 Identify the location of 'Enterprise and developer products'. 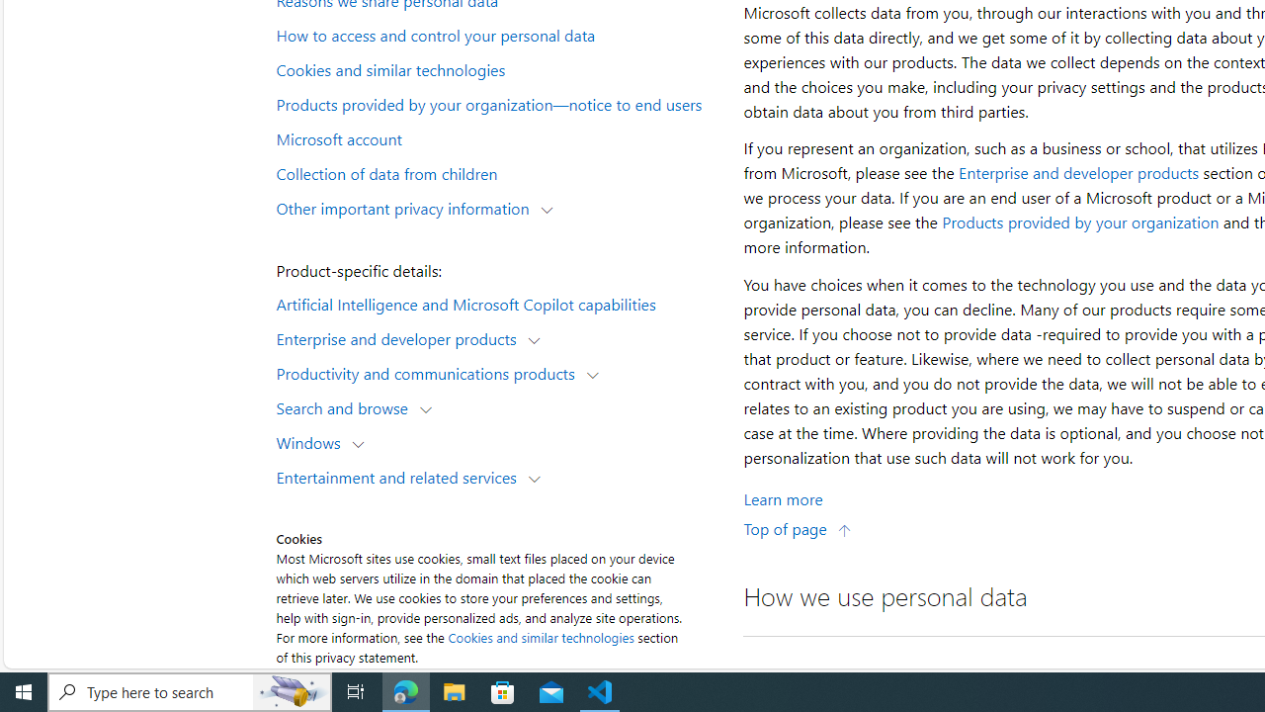
(1077, 171).